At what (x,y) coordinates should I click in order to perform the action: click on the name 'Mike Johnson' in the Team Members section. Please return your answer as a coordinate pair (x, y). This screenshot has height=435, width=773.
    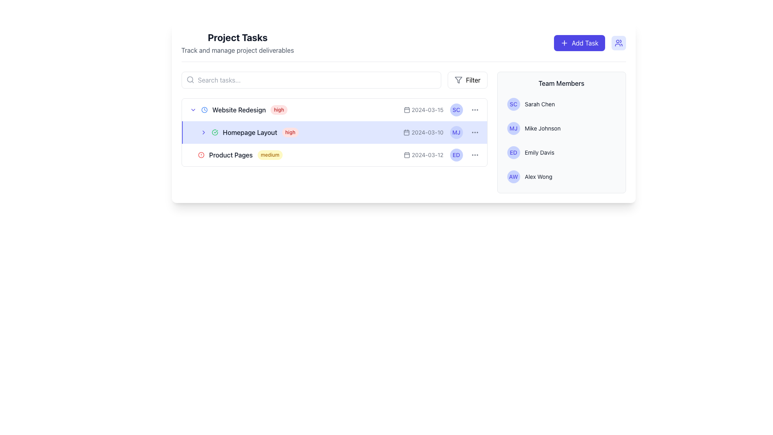
    Looking at the image, I should click on (561, 128).